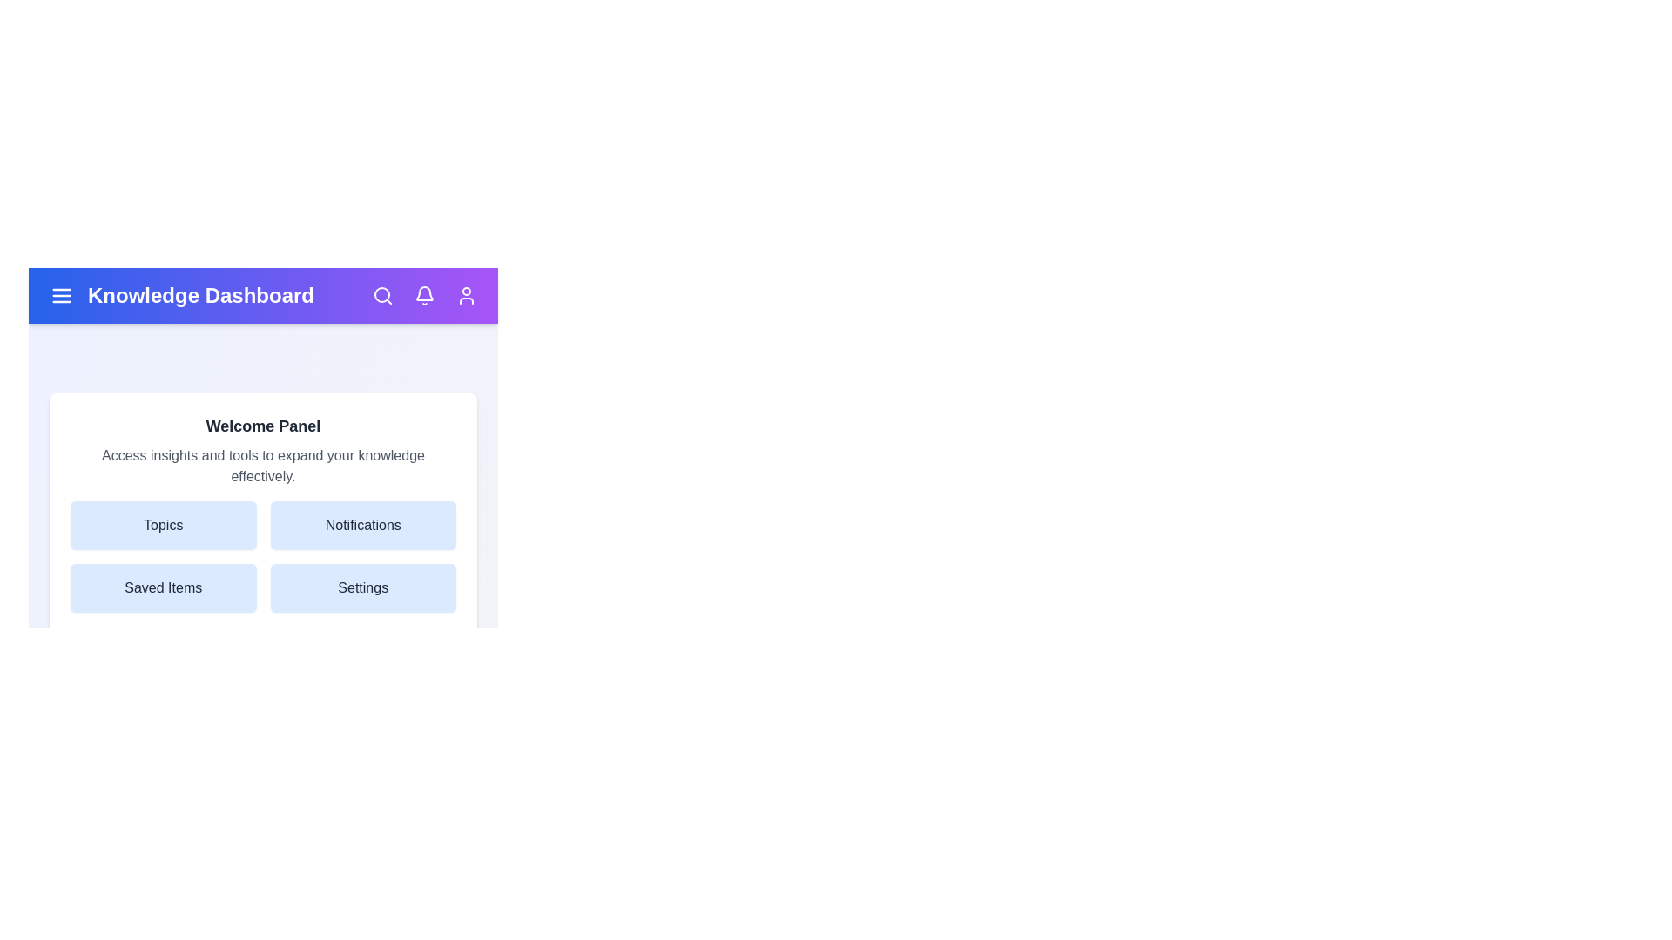  Describe the element at coordinates (362, 587) in the screenshot. I see `the 'Settings' button located in the bottom-right of the panel` at that location.